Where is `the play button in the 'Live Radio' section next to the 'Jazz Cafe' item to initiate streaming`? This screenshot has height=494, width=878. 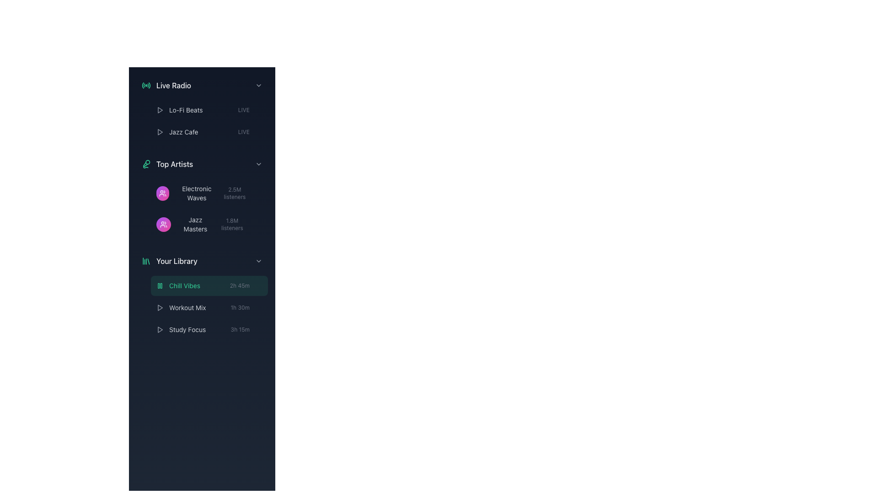
the play button in the 'Live Radio' section next to the 'Jazz Cafe' item to initiate streaming is located at coordinates (160, 109).